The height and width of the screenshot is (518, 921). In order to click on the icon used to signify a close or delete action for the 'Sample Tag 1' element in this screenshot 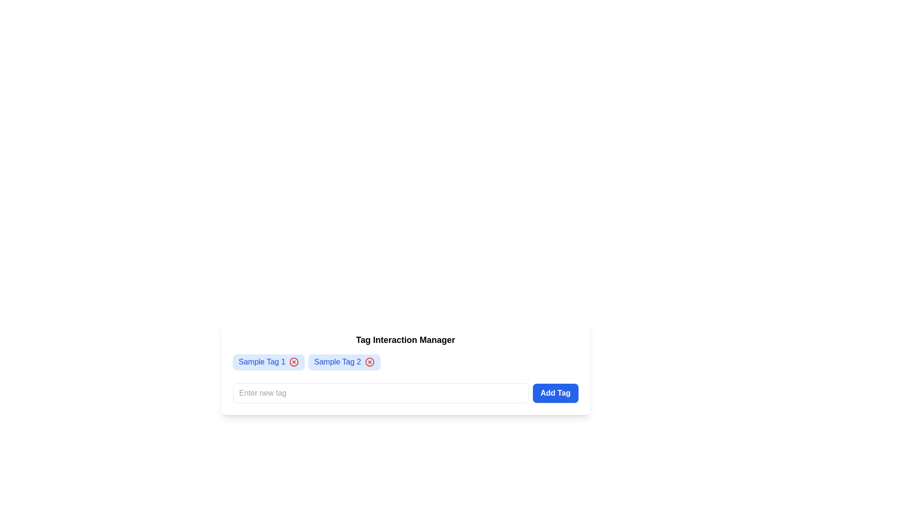, I will do `click(294, 362)`.